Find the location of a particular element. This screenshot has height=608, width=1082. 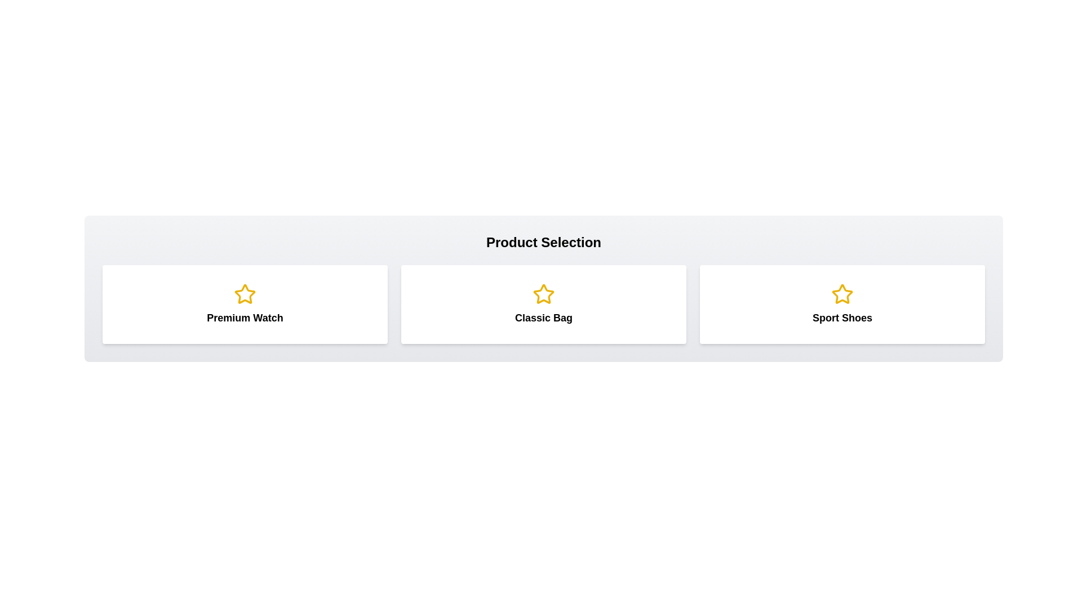

text content of the label displaying 'Sport Shoes', which is styled in bold and positioned below a yellow star icon is located at coordinates (842, 318).